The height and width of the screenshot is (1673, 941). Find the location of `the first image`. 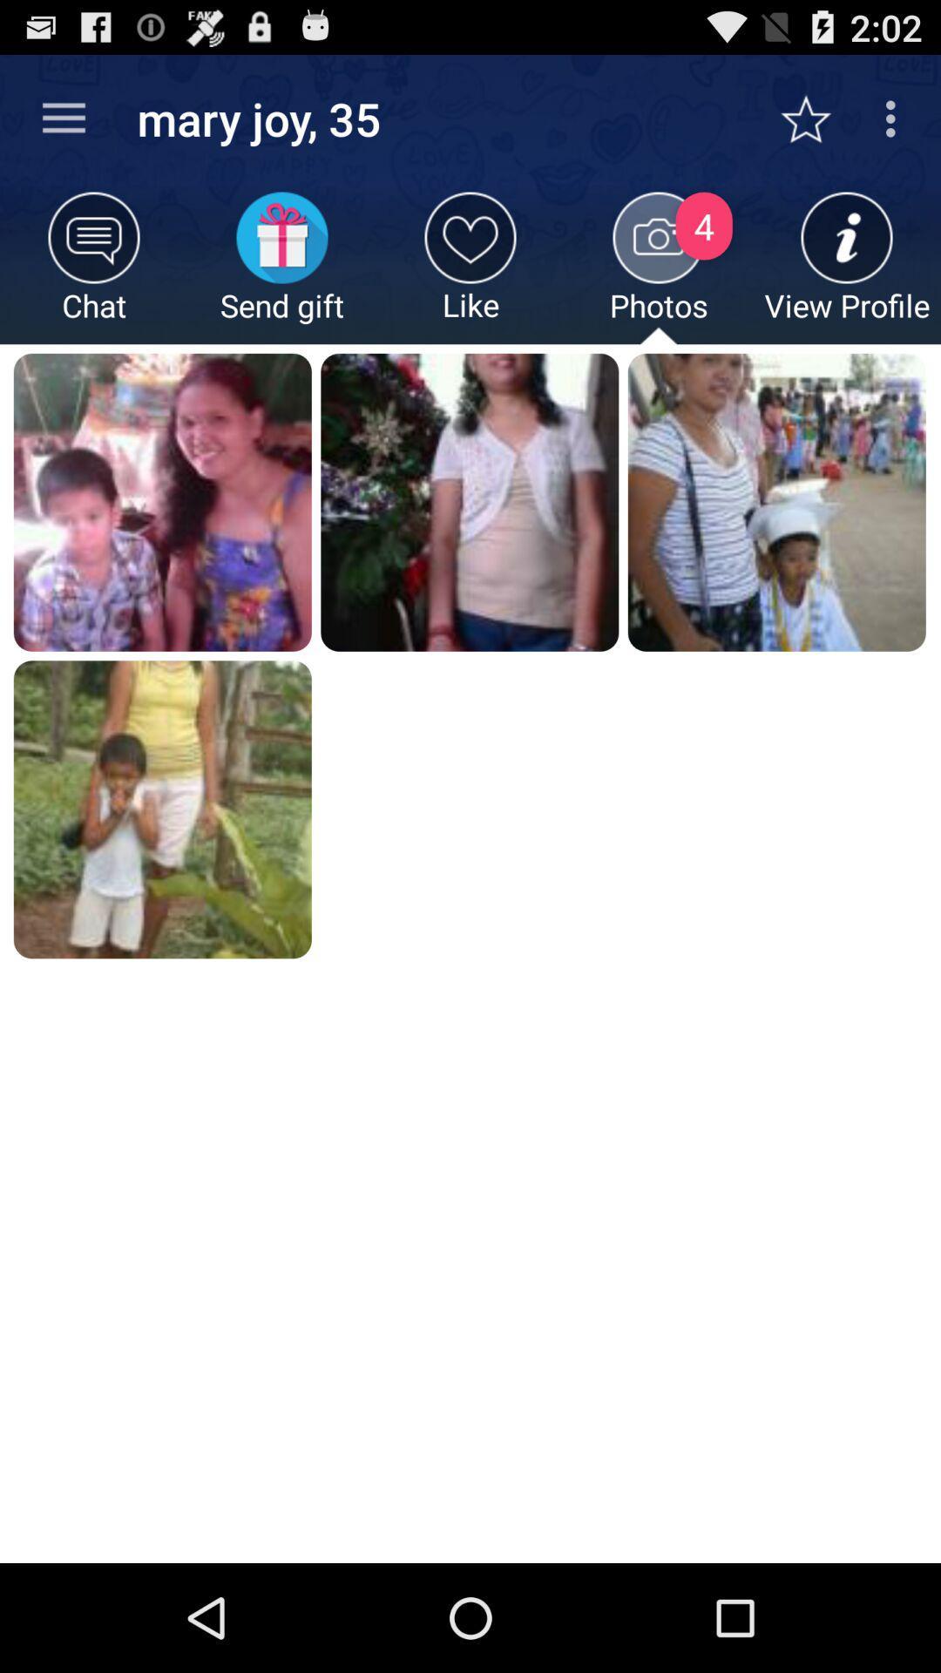

the first image is located at coordinates (162, 501).